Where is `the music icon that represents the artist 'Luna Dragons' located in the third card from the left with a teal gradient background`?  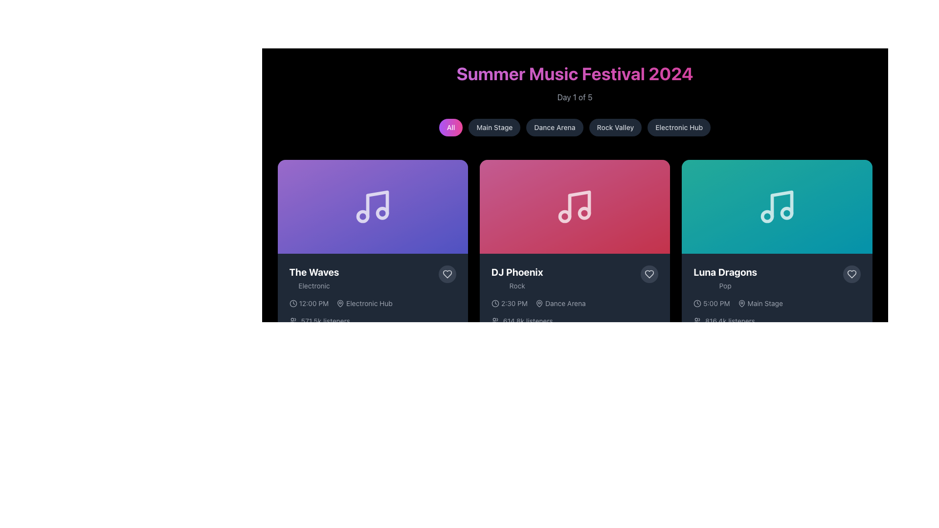
the music icon that represents the artist 'Luna Dragons' located in the third card from the left with a teal gradient background is located at coordinates (776, 206).